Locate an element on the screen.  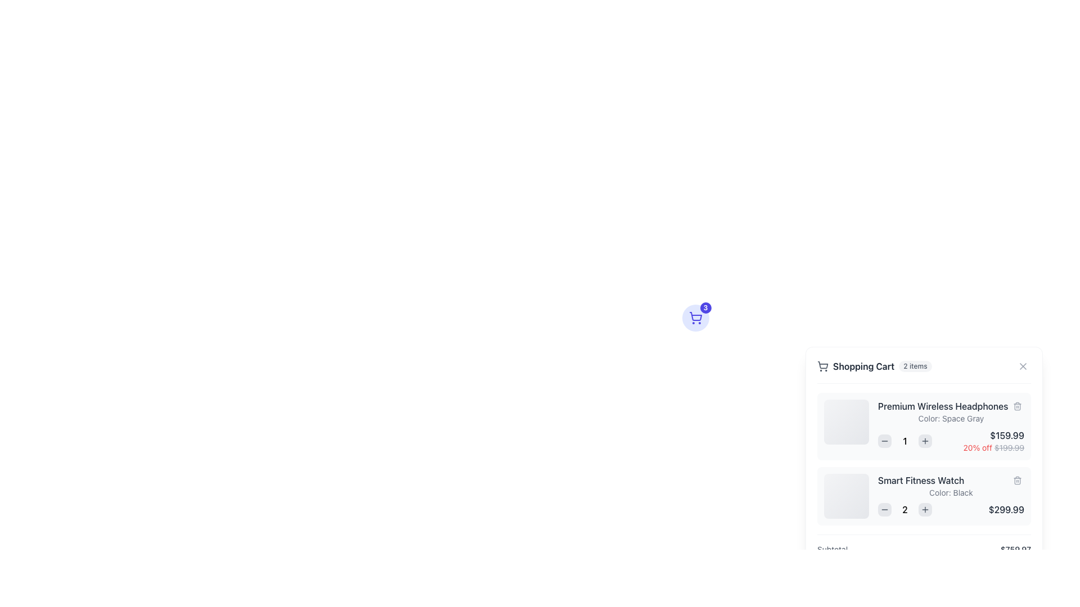
text of the product title label located at the top of the first item listing in the shopping cart overlay, positioned to the right of the product's image placeholder is located at coordinates (950, 406).